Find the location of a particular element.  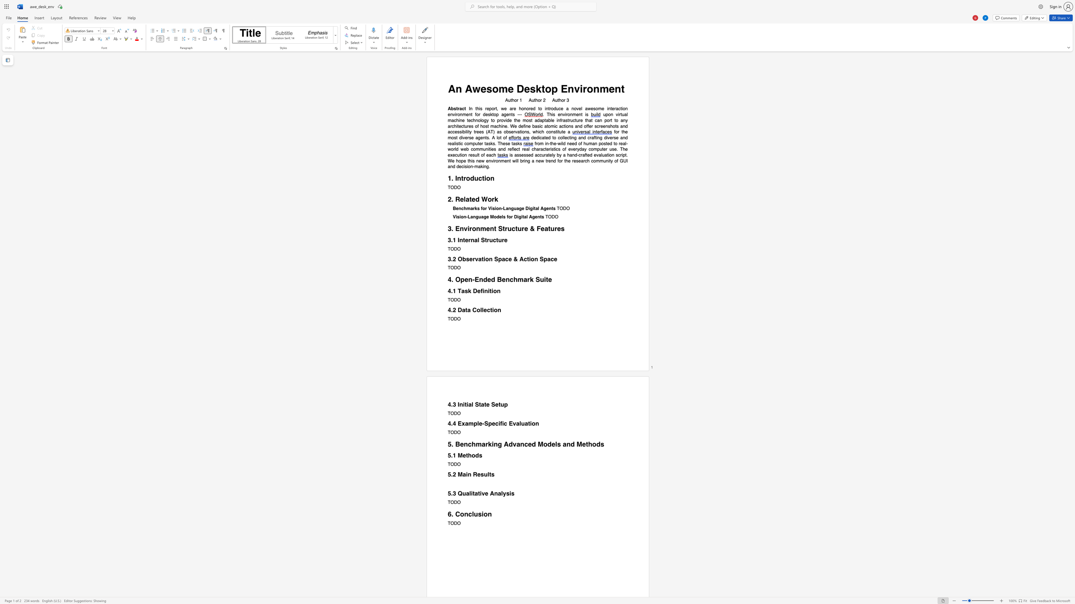

the subset text "ro" within the text "1. Introduction" is located at coordinates (463, 178).